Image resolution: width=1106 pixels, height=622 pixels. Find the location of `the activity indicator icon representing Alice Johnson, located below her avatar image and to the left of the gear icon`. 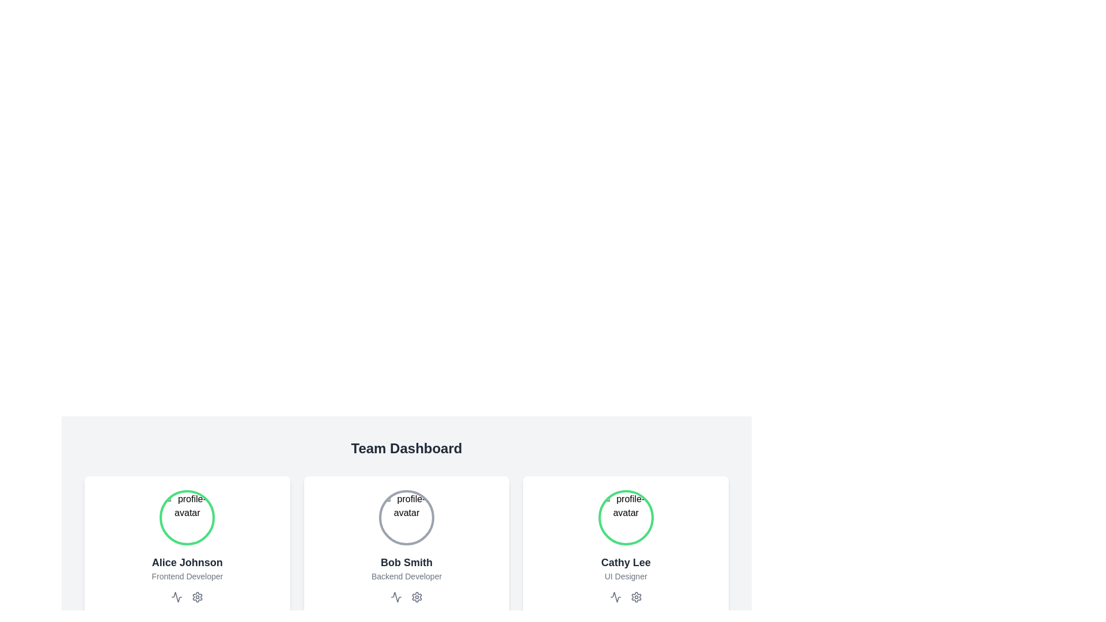

the activity indicator icon representing Alice Johnson, located below her avatar image and to the left of the gear icon is located at coordinates (176, 597).